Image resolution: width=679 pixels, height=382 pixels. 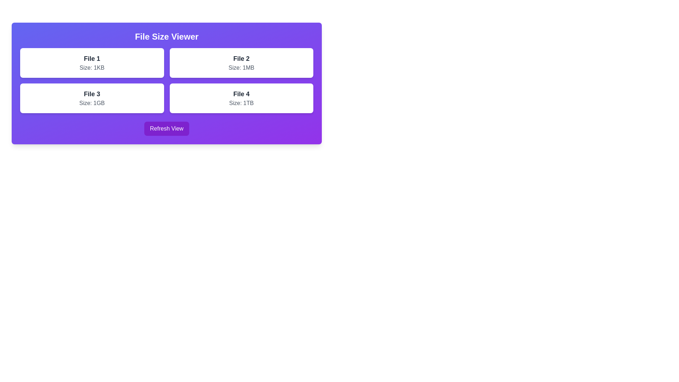 I want to click on the informational text label displaying the size of the file associated with 'File 2', located below the title text within the card labeled 'File 2', so click(x=241, y=68).